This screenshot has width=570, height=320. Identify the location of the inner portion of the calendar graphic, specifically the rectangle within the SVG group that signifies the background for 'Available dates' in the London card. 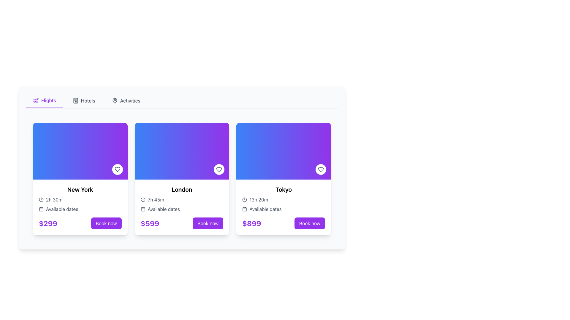
(143, 209).